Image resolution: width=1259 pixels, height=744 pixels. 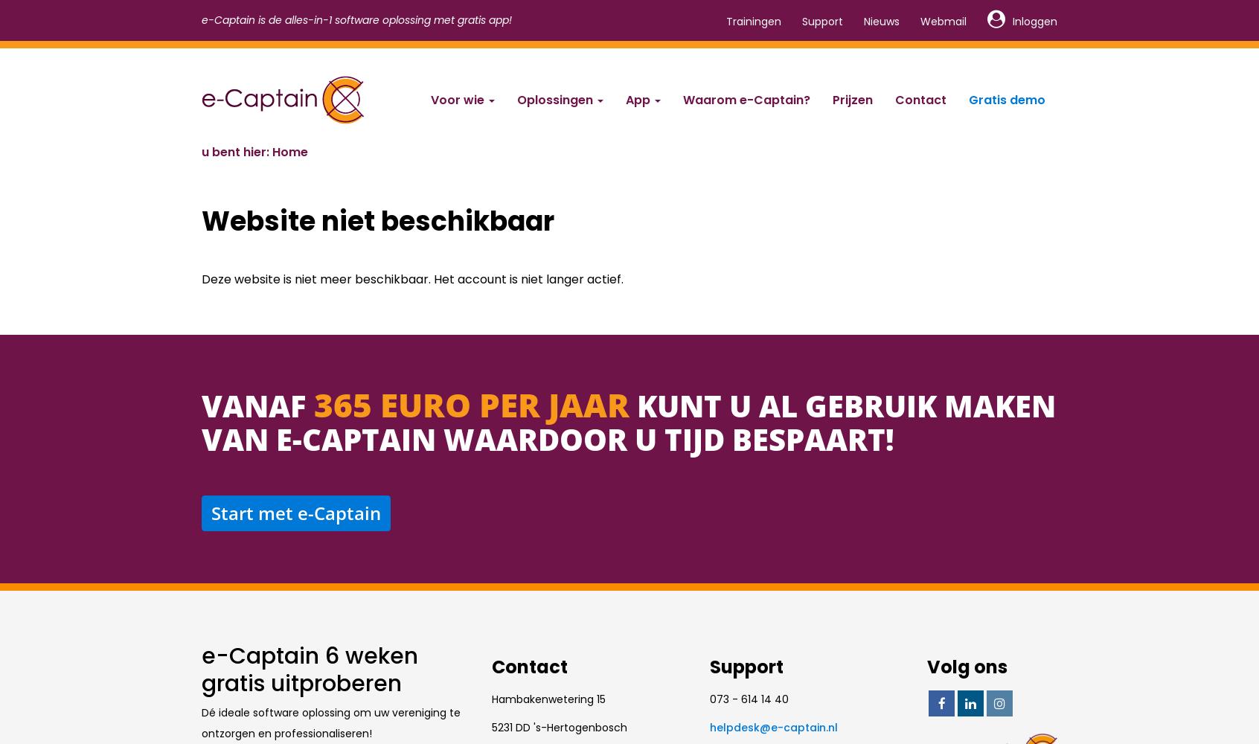 I want to click on 'Waarom e-Captain?', so click(x=746, y=100).